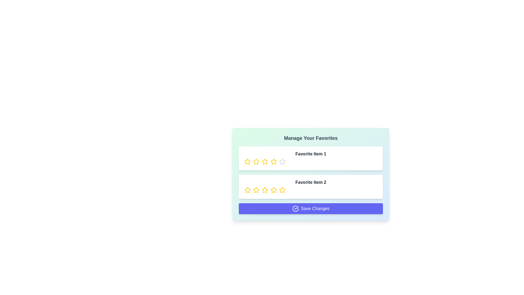  What do you see at coordinates (256, 161) in the screenshot?
I see `the rating of a favorite item to 2 stars` at bounding box center [256, 161].